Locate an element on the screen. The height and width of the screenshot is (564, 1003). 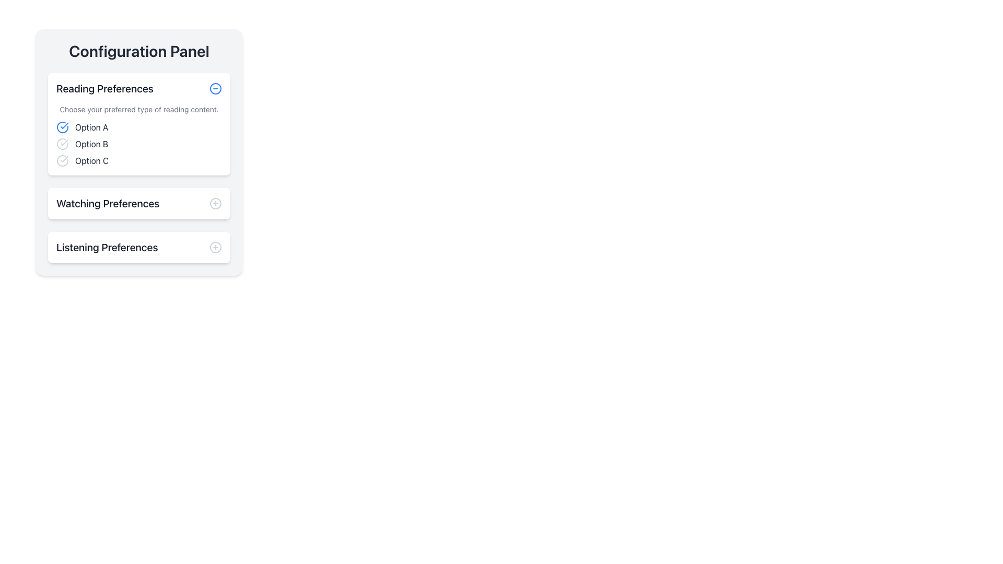
the state of the decorative checkbox indicating the selected option for 'Option A' in the 'Reading Preferences' category is located at coordinates (62, 126).